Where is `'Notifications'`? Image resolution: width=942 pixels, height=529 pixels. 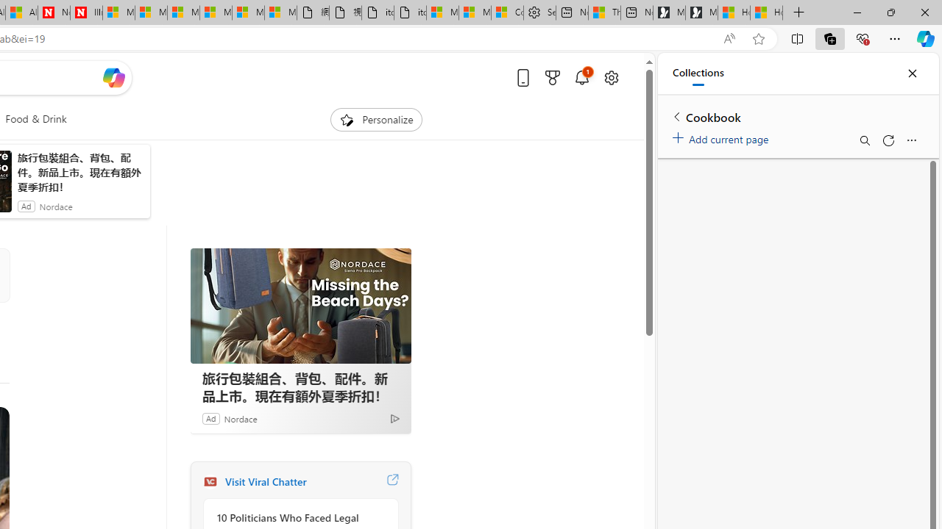 'Notifications' is located at coordinates (581, 77).